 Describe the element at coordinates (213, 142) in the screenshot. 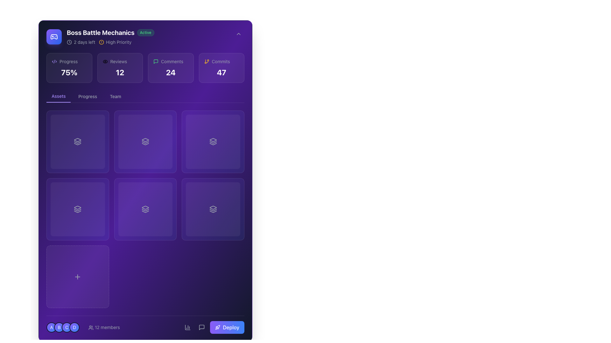

I see `the middle icon in a group of three stacked icons within a grid layout that signifies an intermediate state or level` at that location.